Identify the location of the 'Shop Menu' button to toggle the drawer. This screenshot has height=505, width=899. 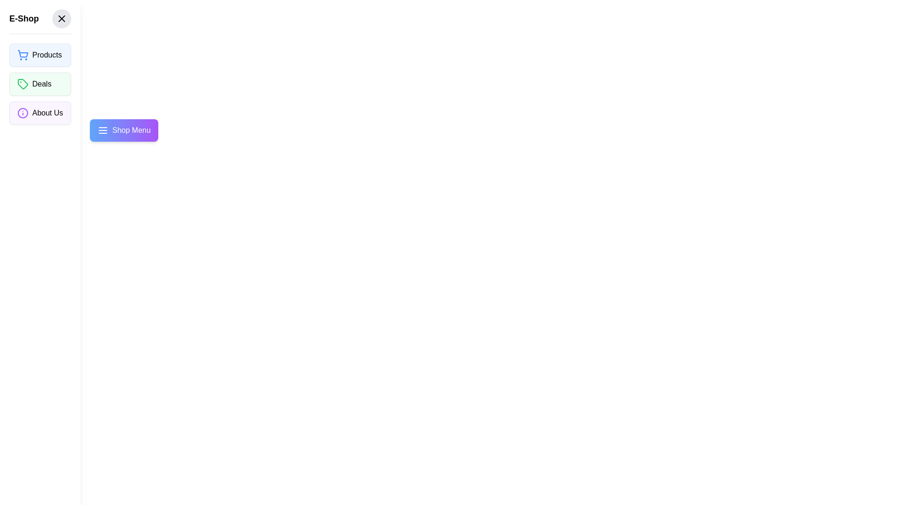
(123, 130).